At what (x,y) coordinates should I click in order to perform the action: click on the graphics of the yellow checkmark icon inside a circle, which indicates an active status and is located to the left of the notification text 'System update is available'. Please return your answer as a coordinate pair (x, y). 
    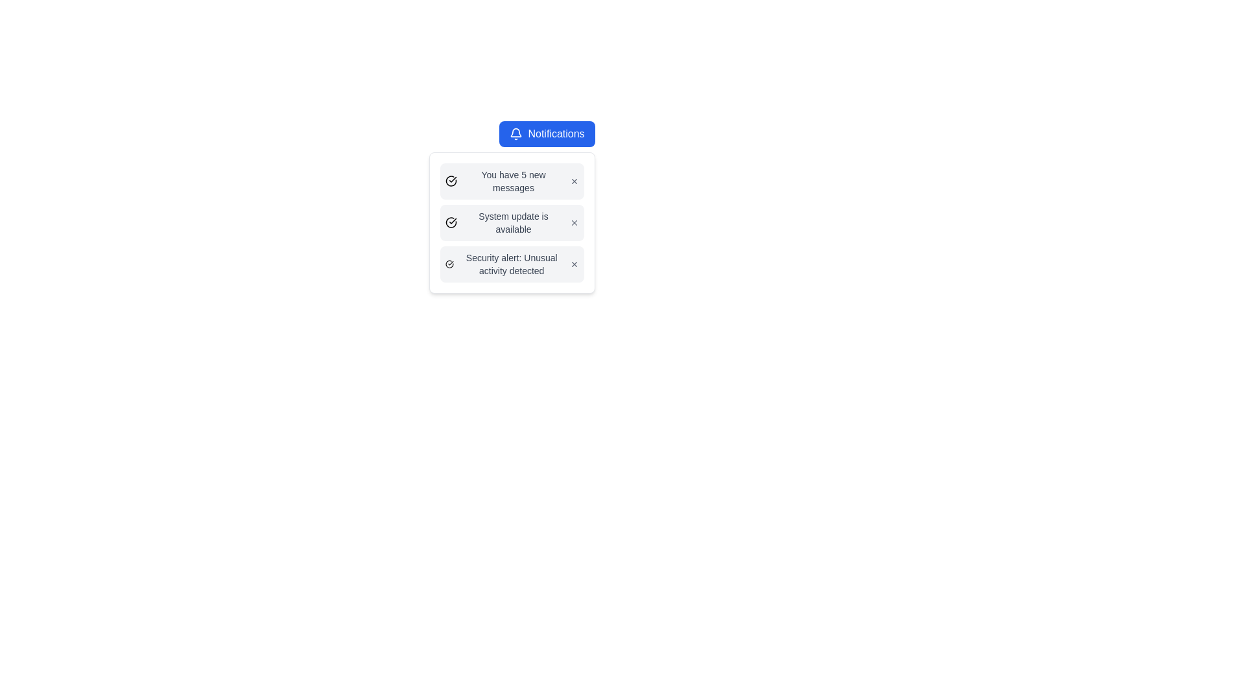
    Looking at the image, I should click on (451, 222).